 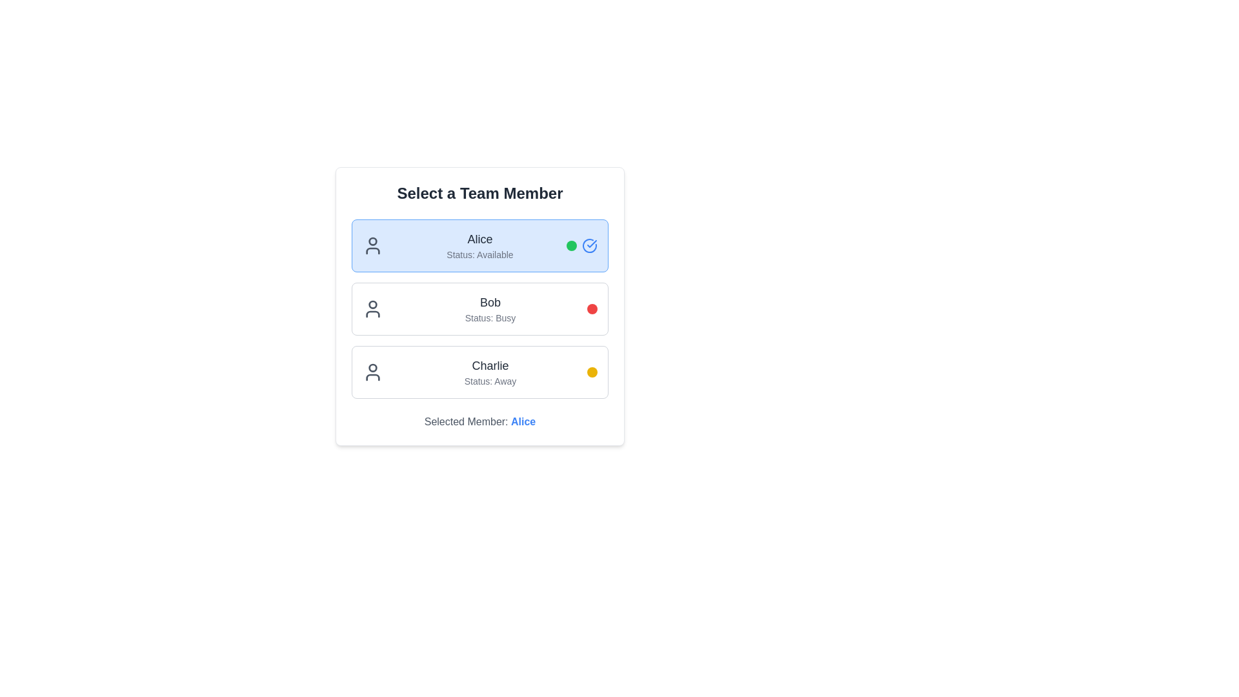 I want to click on the decorative SVG component that is part of the user icon for 'Alice', located at the bottom part of the icon's torso, so click(x=372, y=251).